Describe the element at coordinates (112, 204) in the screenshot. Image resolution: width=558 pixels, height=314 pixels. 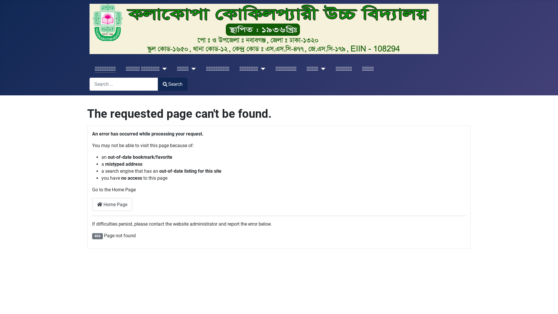
I see `'Home Page'` at that location.